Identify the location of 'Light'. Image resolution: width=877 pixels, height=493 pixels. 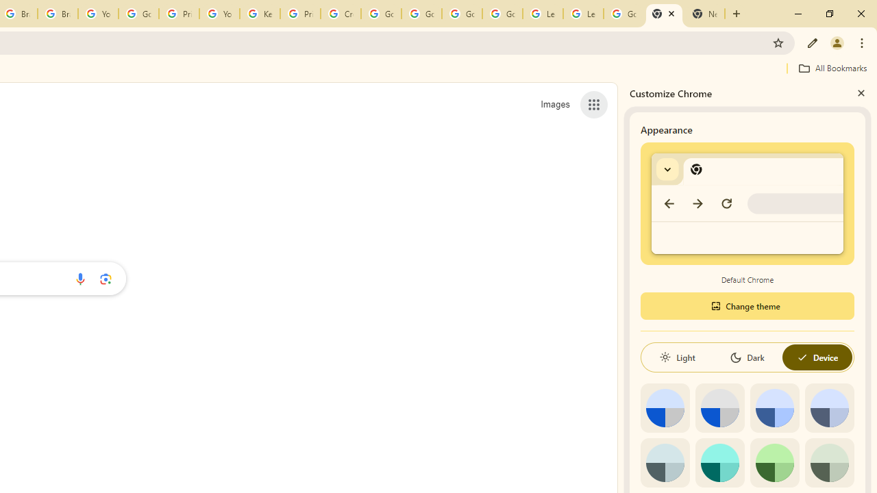
(677, 357).